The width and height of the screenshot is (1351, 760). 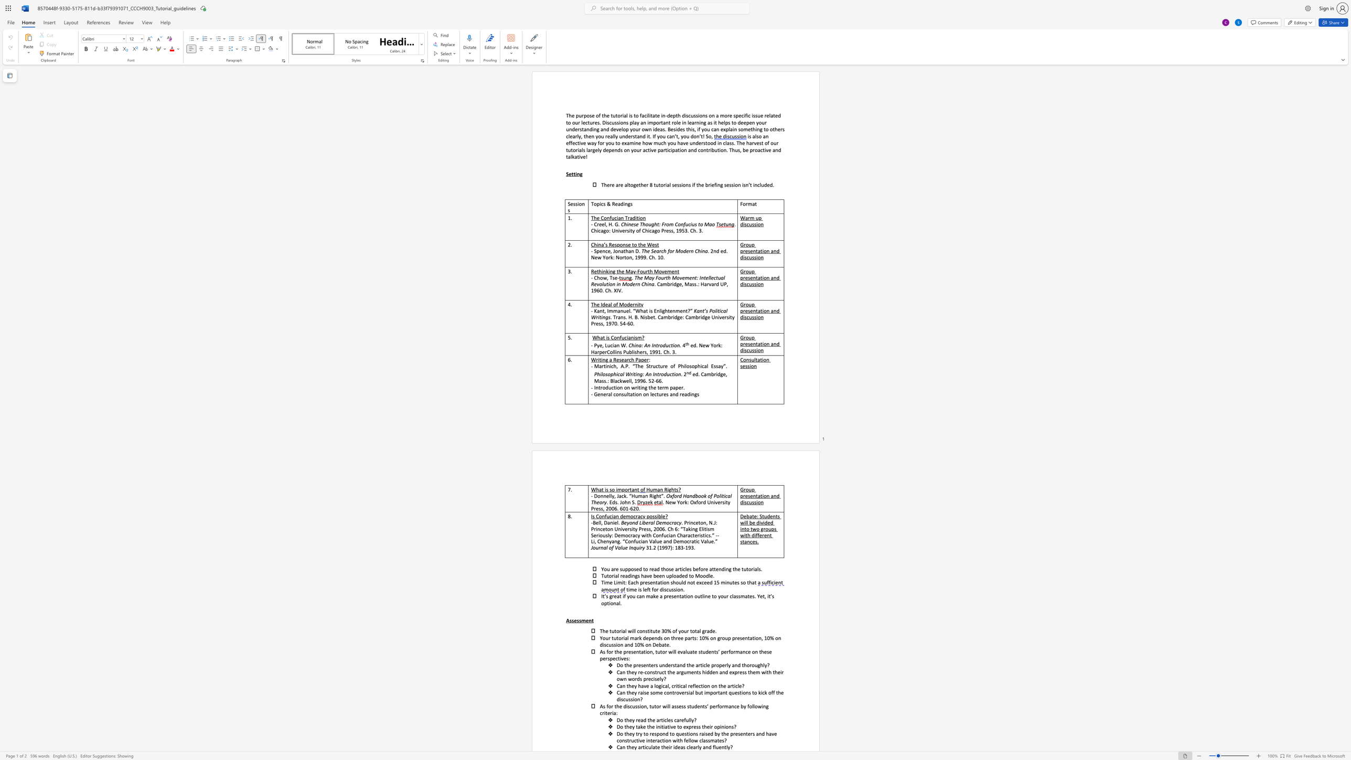 I want to click on the subset text "is Confucianism?" within the text "What is Confucianism?", so click(x=606, y=337).